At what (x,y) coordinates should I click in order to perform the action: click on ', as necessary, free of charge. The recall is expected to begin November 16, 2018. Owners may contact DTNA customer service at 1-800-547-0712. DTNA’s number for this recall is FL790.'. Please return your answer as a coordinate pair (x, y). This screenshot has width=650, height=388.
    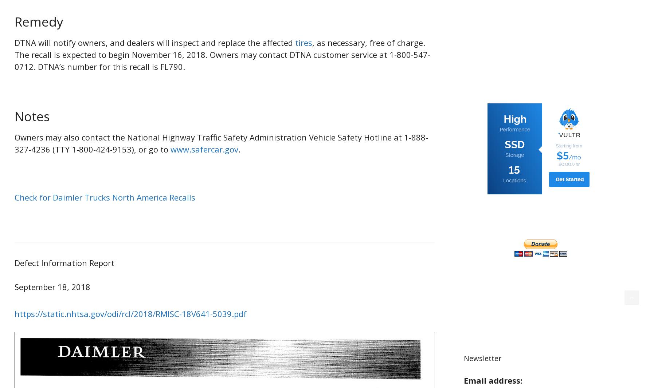
    Looking at the image, I should click on (222, 54).